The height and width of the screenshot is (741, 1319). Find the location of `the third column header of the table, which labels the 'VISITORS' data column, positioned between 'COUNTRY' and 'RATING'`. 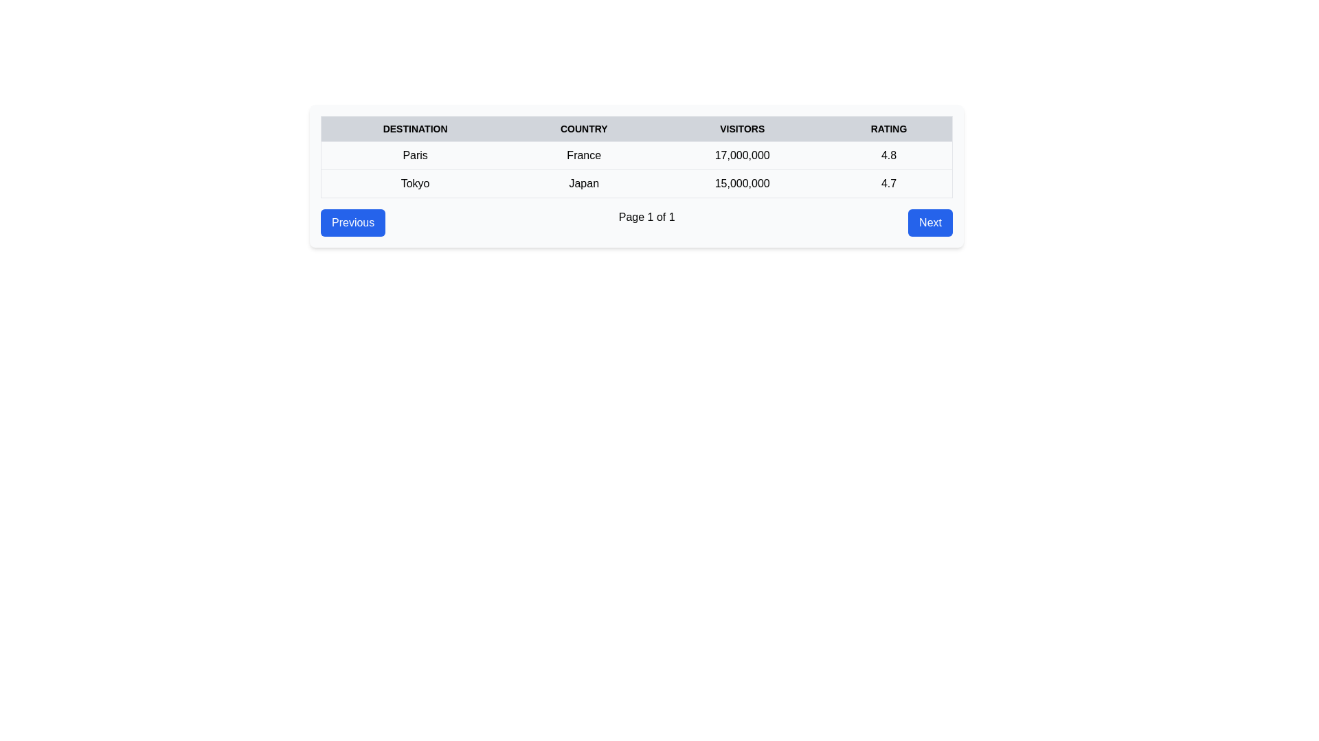

the third column header of the table, which labels the 'VISITORS' data column, positioned between 'COUNTRY' and 'RATING' is located at coordinates (741, 129).